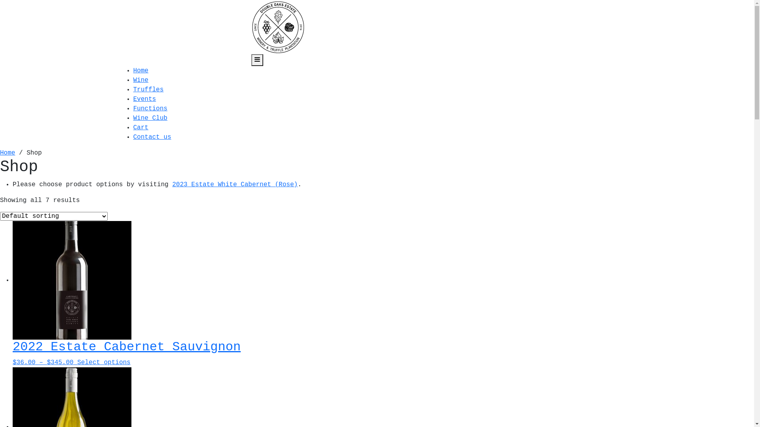 This screenshot has width=760, height=427. Describe the element at coordinates (148, 89) in the screenshot. I see `'Truffles'` at that location.